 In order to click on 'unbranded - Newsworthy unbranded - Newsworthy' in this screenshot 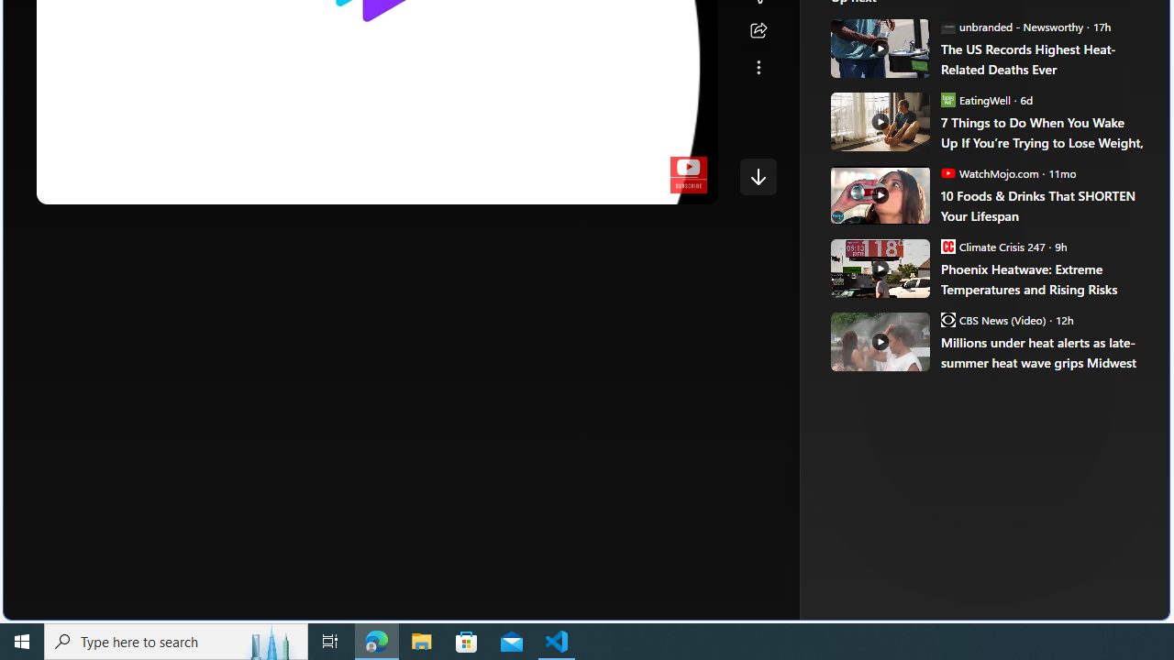, I will do `click(1011, 26)`.